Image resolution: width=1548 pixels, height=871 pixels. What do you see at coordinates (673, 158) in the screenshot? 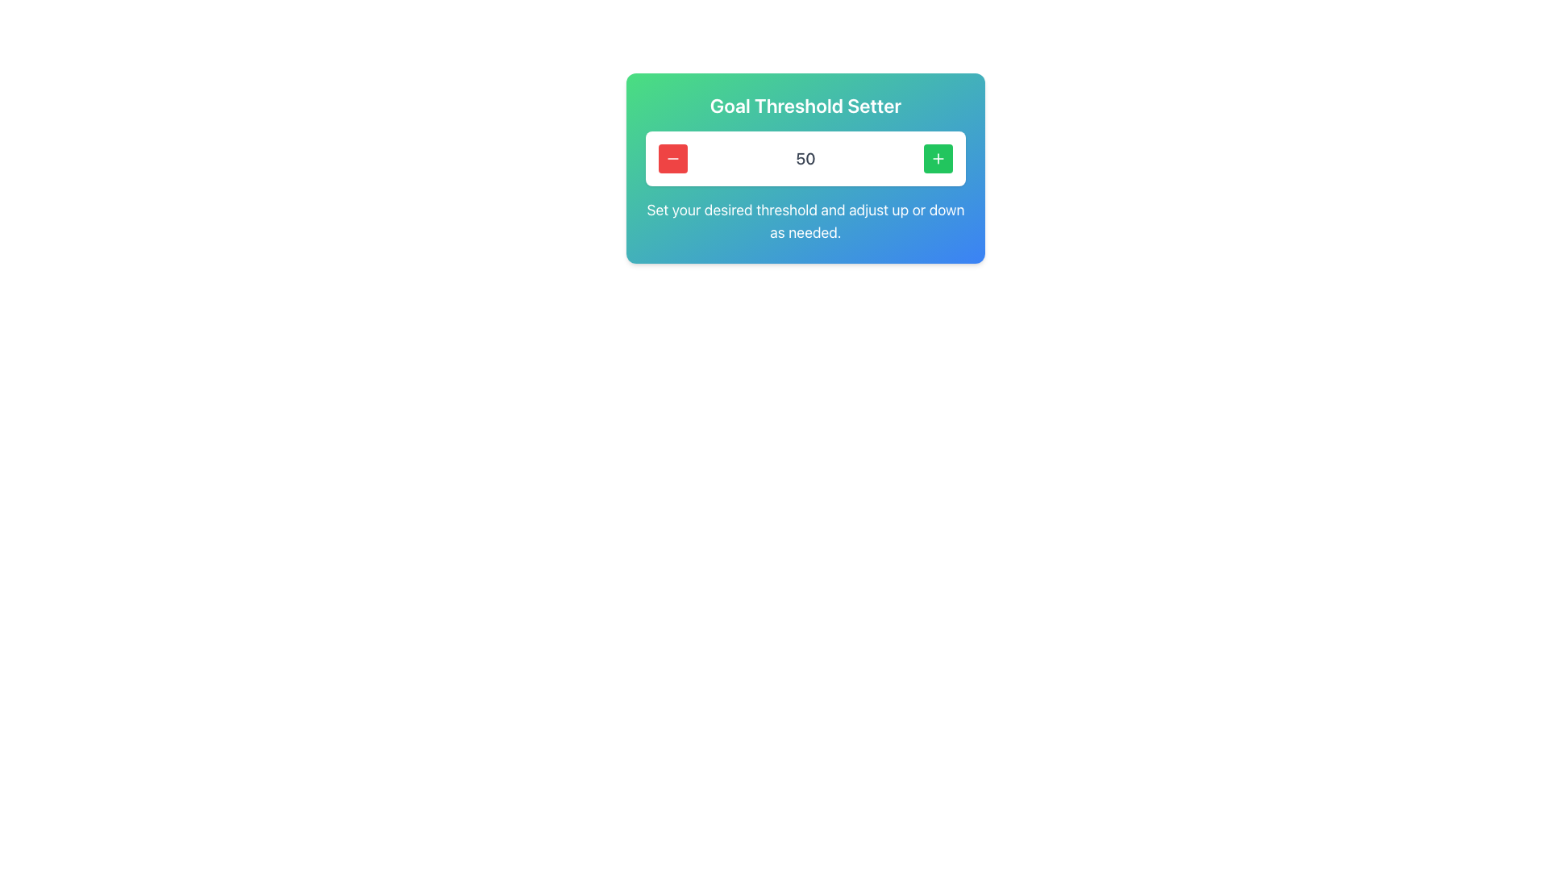
I see `the decrement button located to the left of the number '50'` at bounding box center [673, 158].